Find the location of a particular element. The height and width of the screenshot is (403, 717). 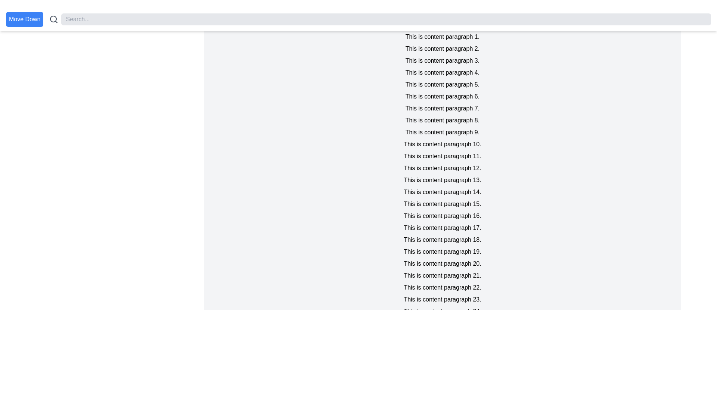

the 19th paragraph of static text is located at coordinates (443, 252).